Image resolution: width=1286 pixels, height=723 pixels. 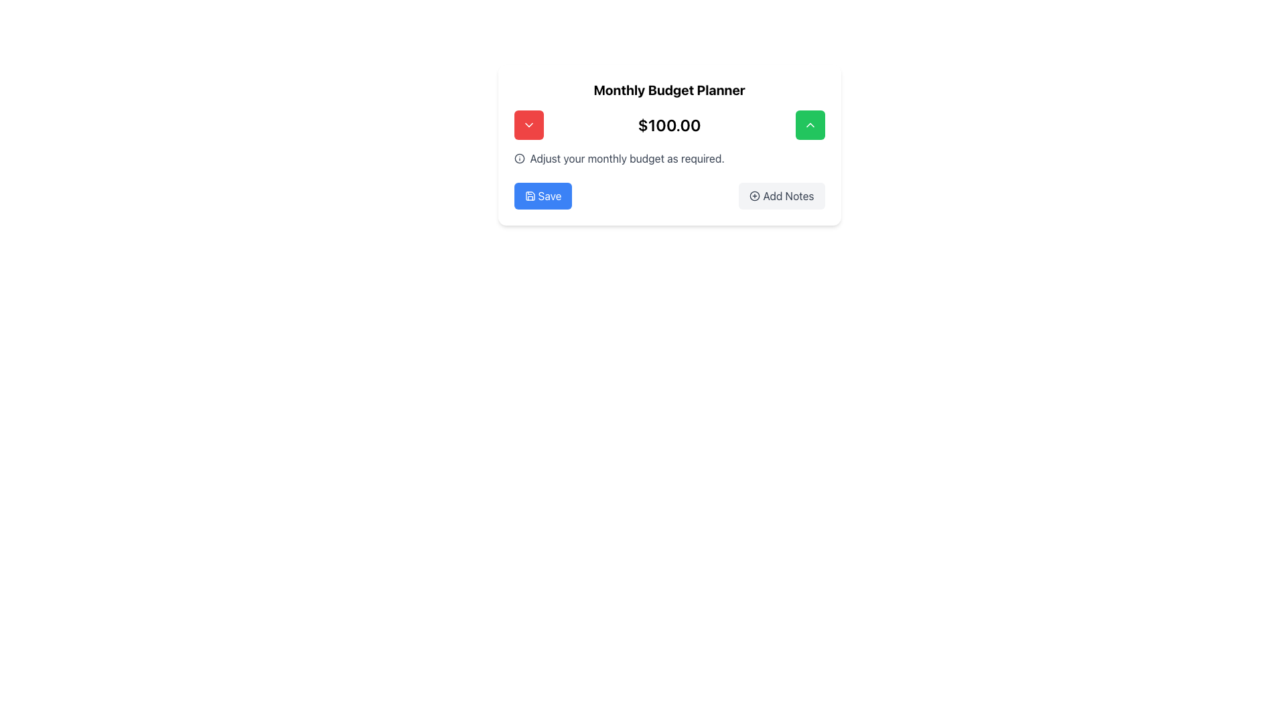 I want to click on the Save icon, which resembles a floppy disk, located within the blue 'Save' button at the lower-left part of the card interface to initiate save, so click(x=529, y=196).